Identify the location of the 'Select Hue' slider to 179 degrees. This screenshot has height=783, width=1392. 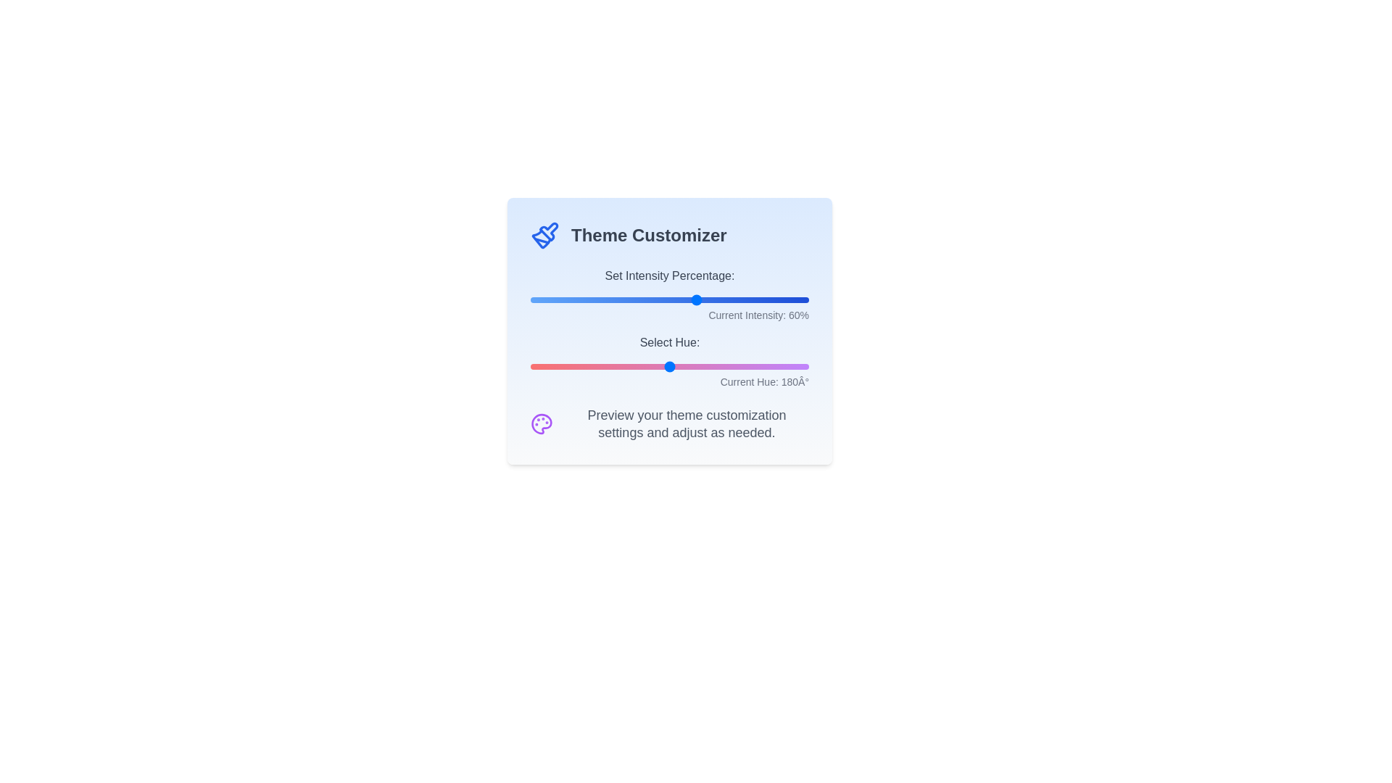
(668, 365).